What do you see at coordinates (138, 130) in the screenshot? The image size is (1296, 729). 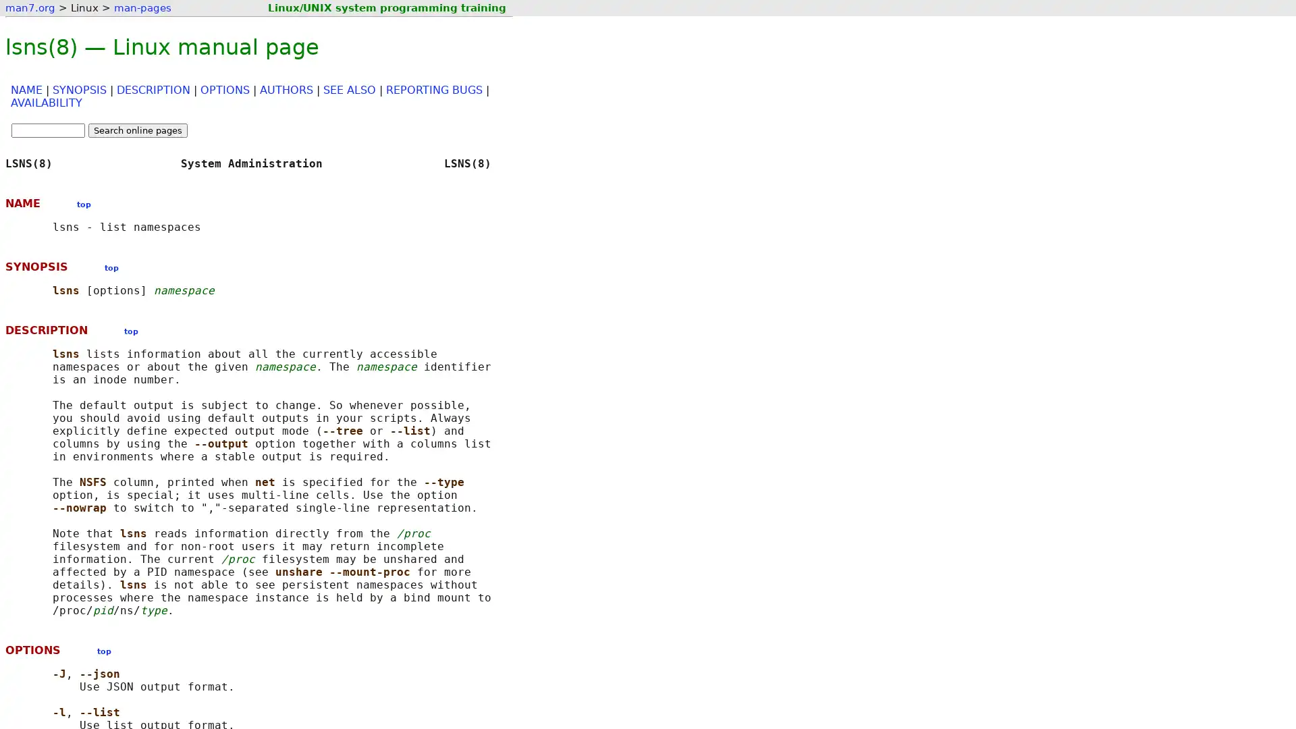 I see `Search online pages` at bounding box center [138, 130].